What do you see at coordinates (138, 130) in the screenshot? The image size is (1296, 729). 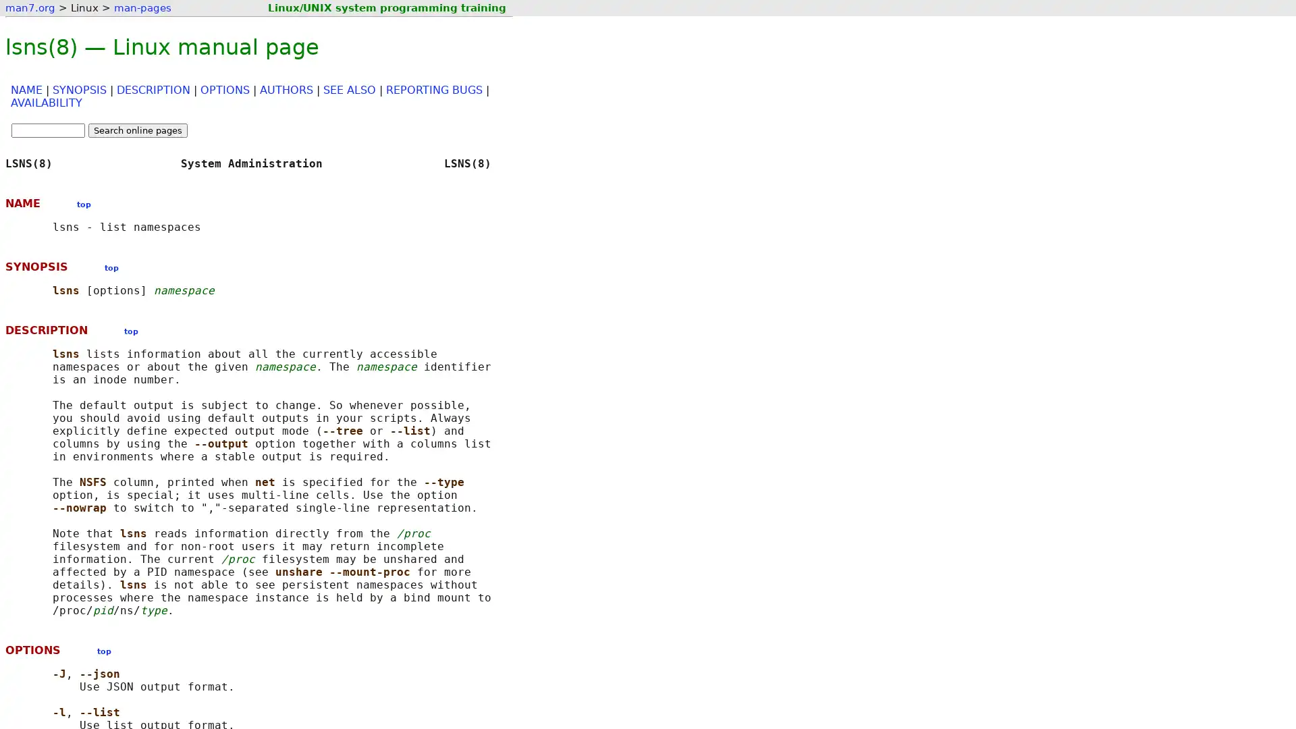 I see `Search online pages` at bounding box center [138, 130].